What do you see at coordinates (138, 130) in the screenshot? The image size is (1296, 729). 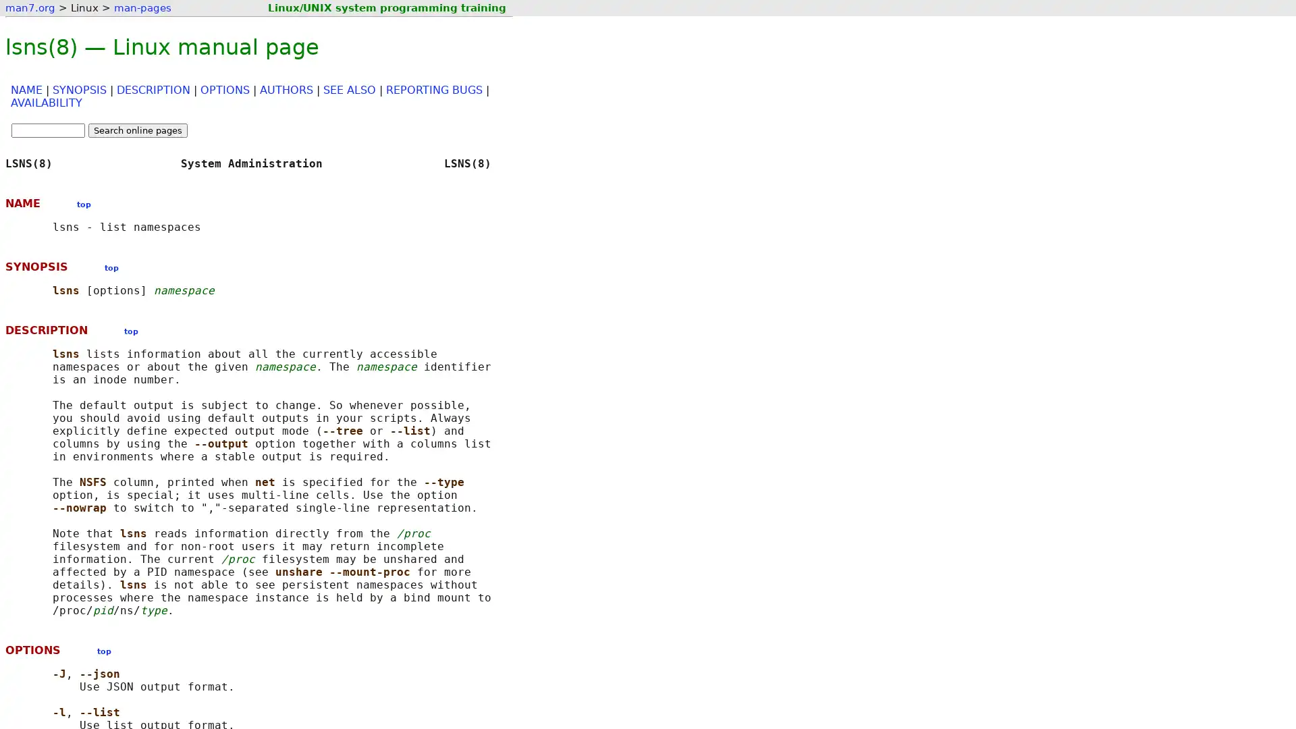 I see `Search online pages` at bounding box center [138, 130].